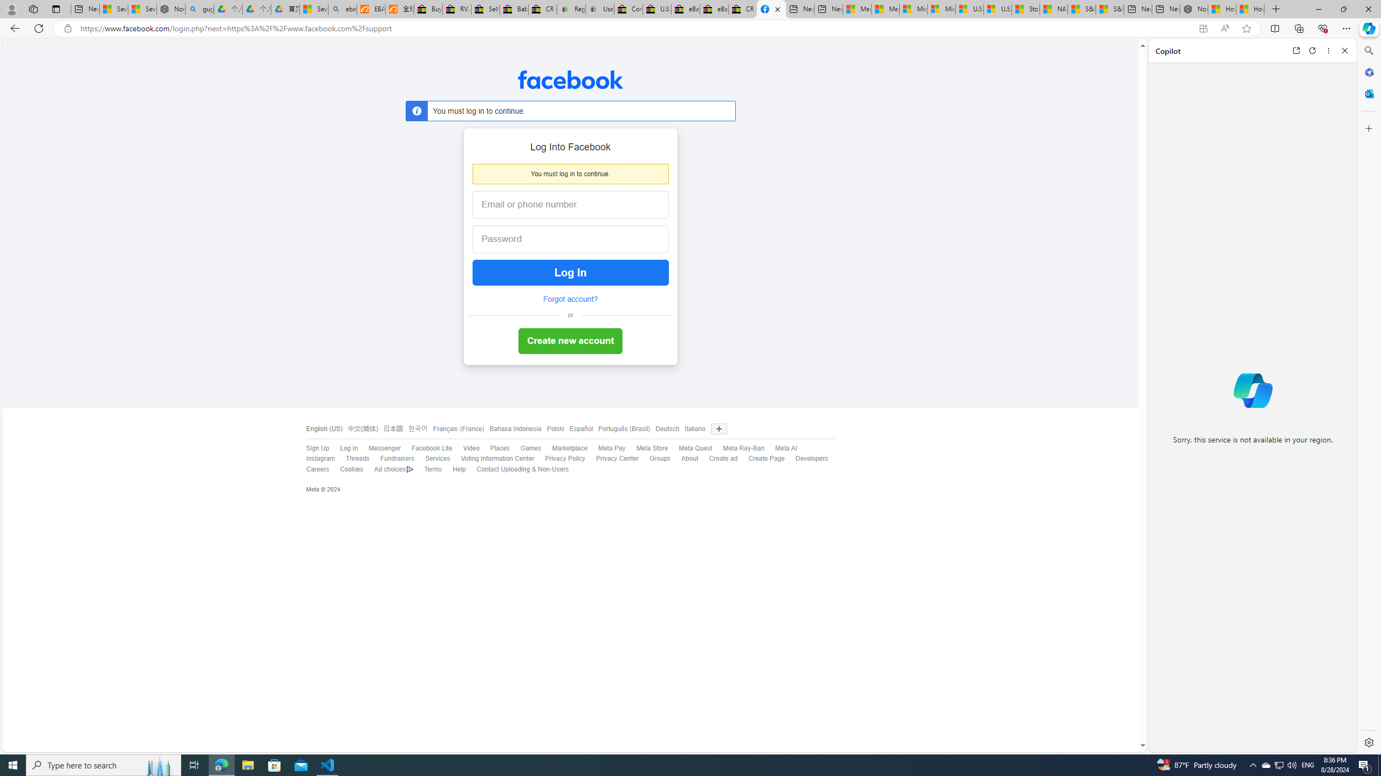  What do you see at coordinates (433, 468) in the screenshot?
I see `'Terms'` at bounding box center [433, 468].